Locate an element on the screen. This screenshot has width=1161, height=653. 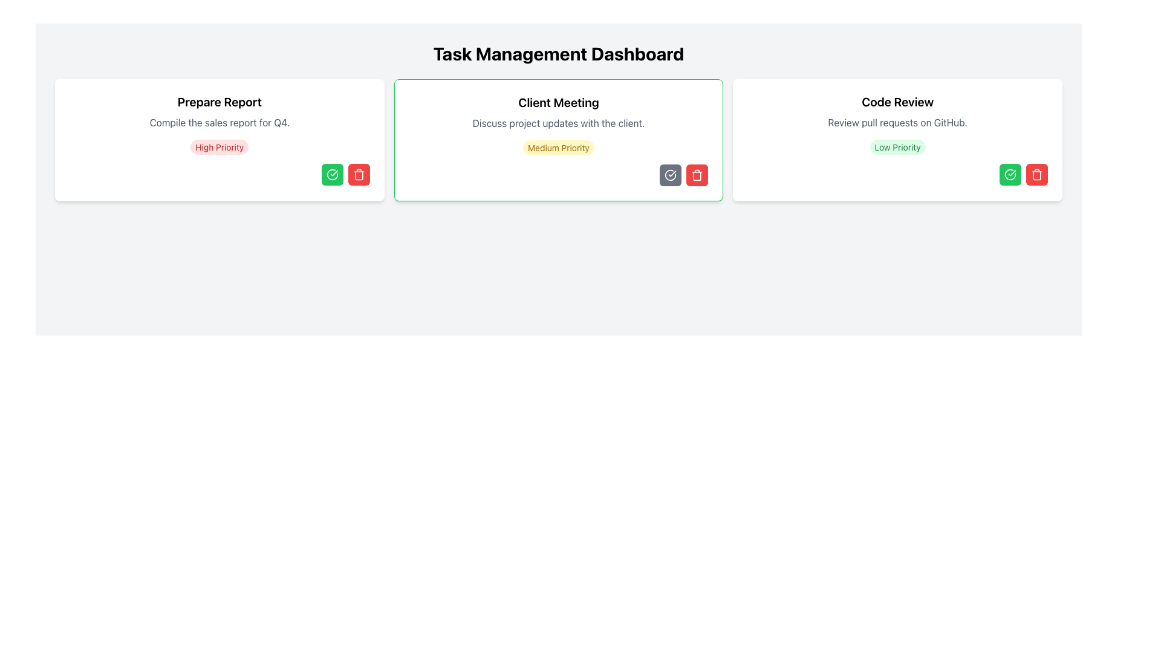
the confirmation button located at the bottom-right of the 'Client Meeting' card is located at coordinates (670, 175).